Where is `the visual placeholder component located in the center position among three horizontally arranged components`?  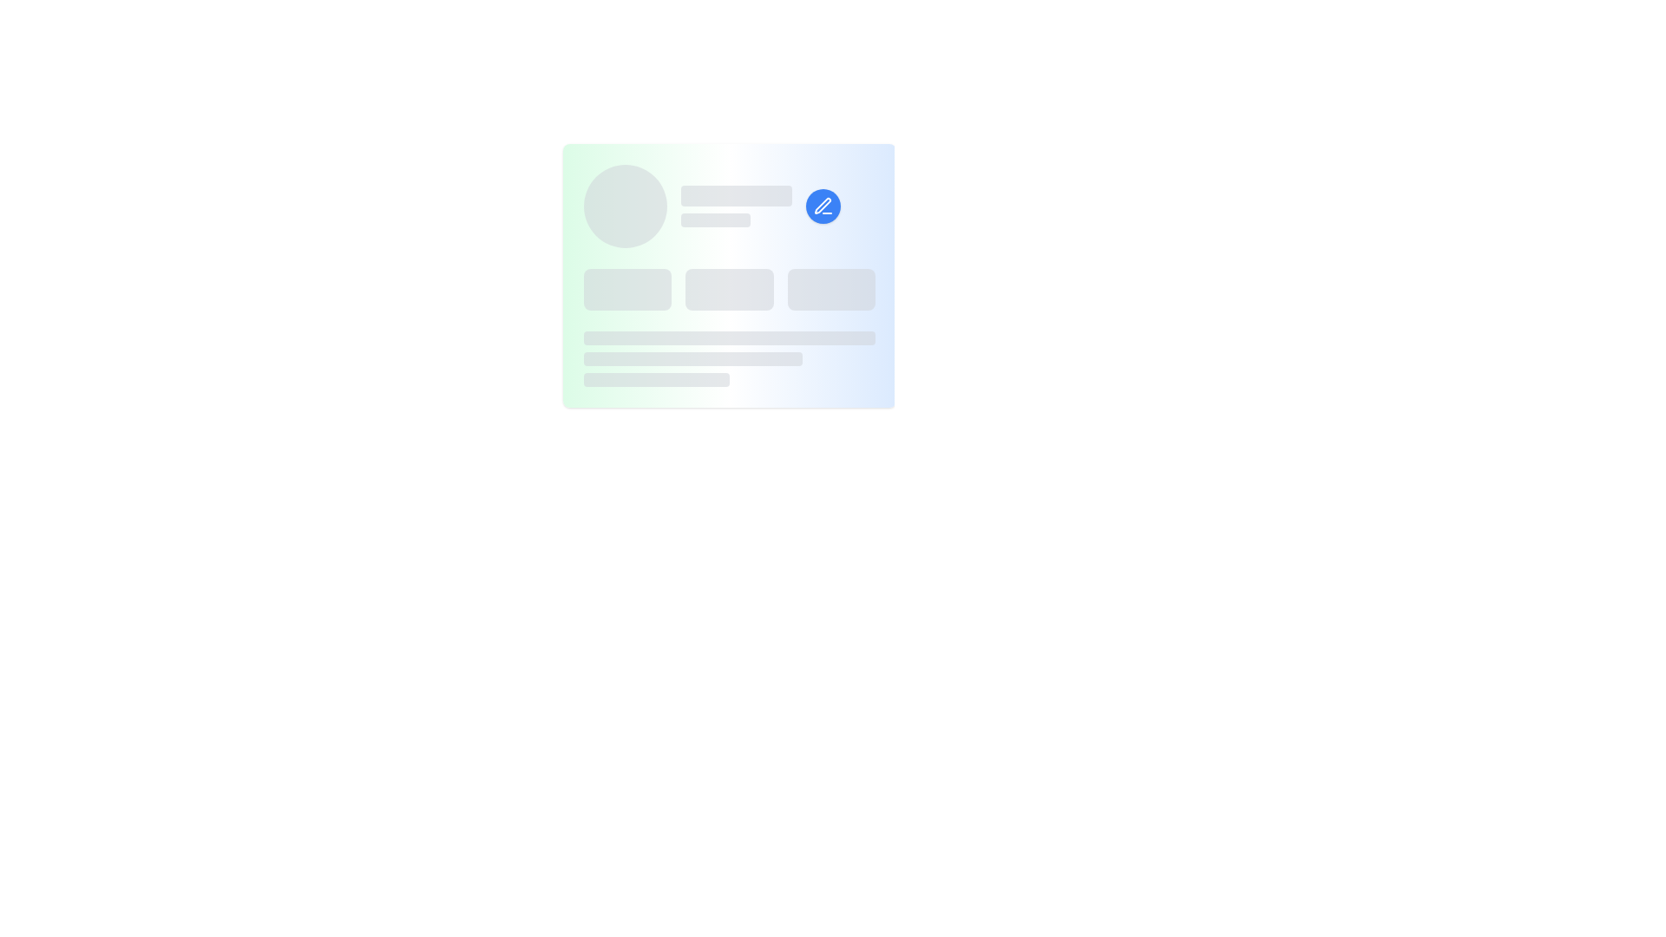 the visual placeholder component located in the center position among three horizontally arranged components is located at coordinates (729, 289).